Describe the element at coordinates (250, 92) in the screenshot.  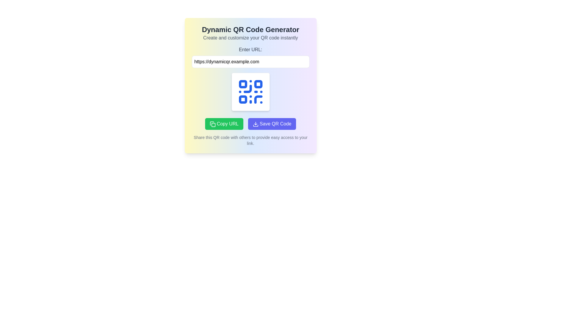
I see `the central QR code element, which is styled with a blue color scheme and rounded corners, located beneath the input field for the URL and above the 'Copy URL' and 'Save QR Code' buttons` at that location.